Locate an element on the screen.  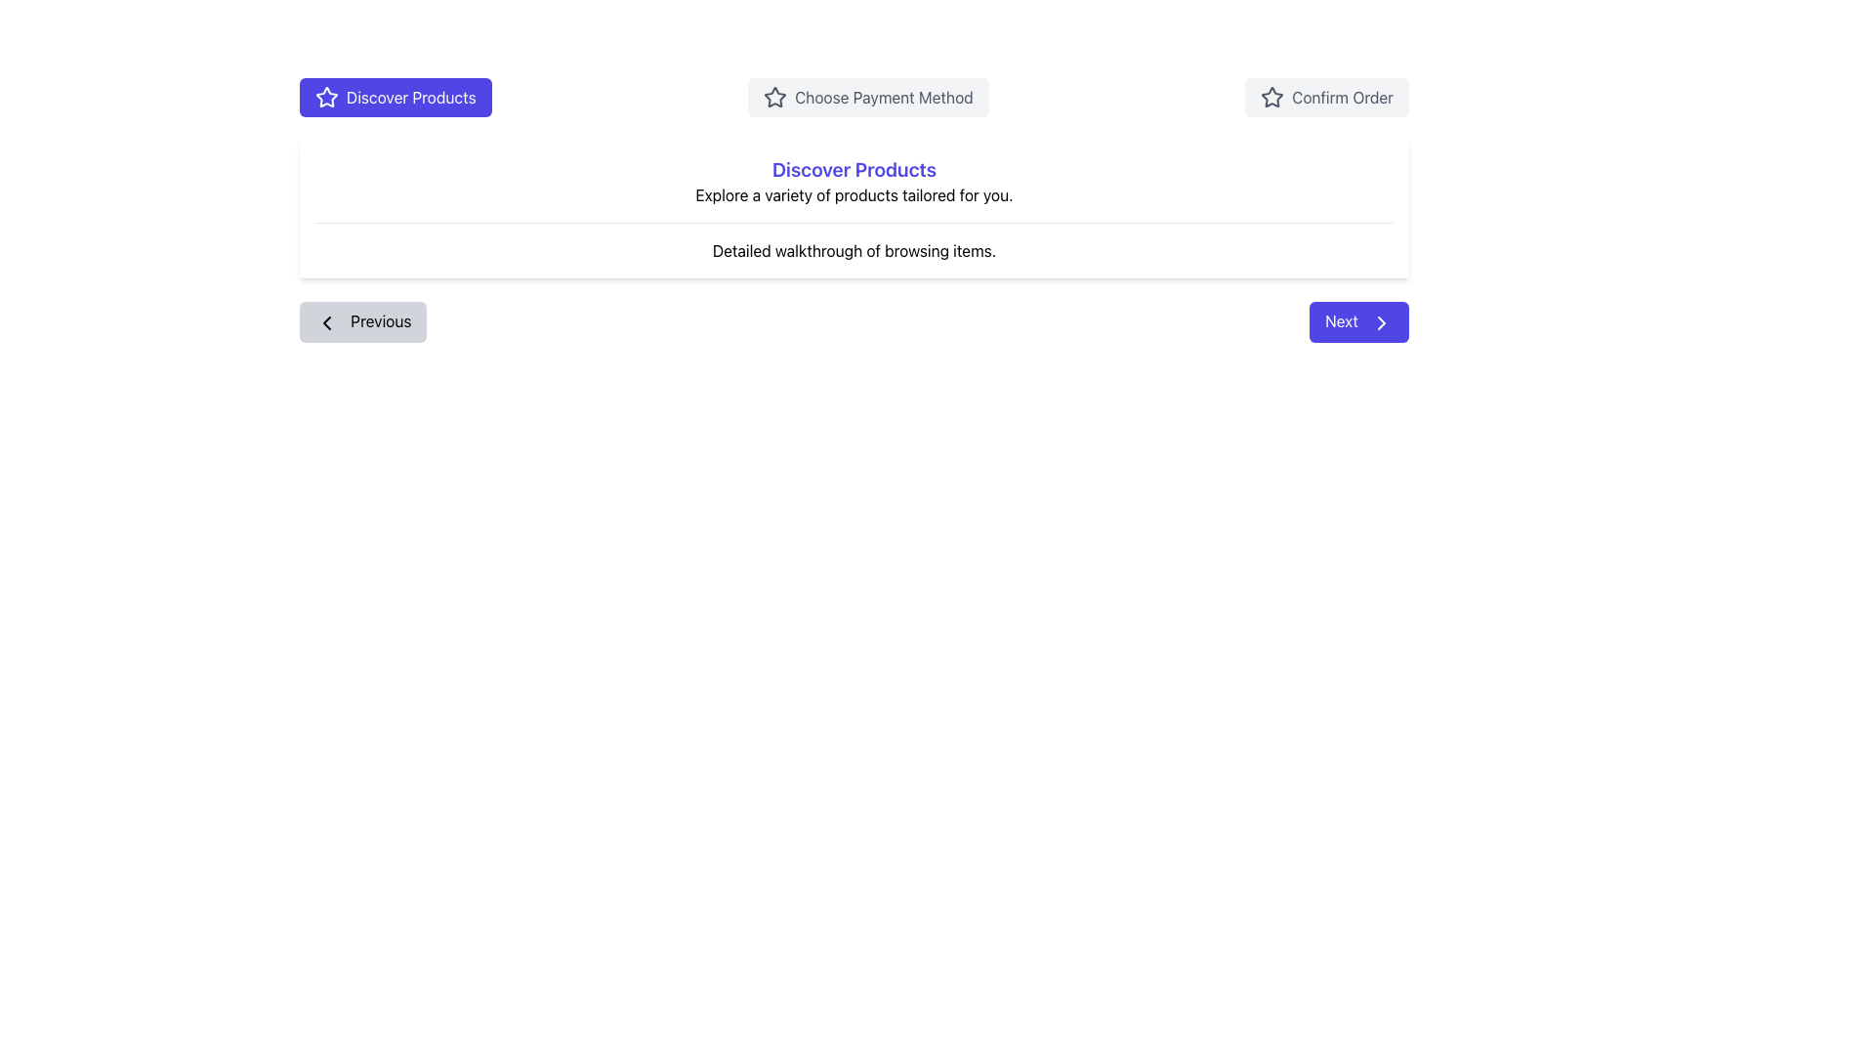
the star icon located at the start of the 'Choose Payment Method' button, which is the leftmost button among three primary options is located at coordinates (774, 98).